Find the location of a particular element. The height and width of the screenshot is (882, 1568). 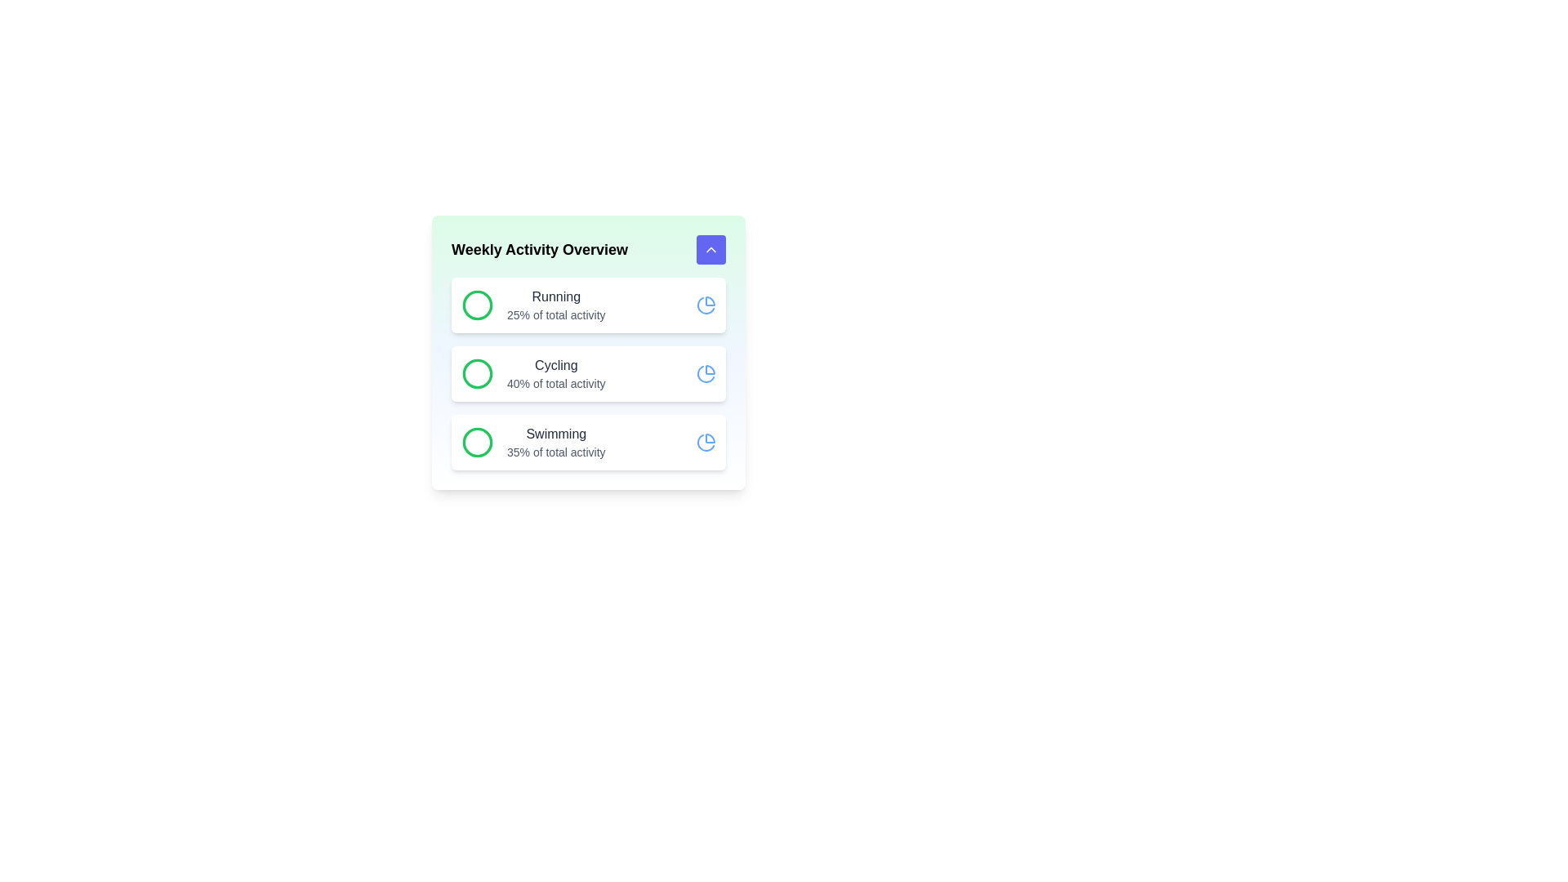

the Information display block that contains the text 'Swimming' and '35% of total activity', which is the third element in a vertical list of similar structures is located at coordinates (556, 443).